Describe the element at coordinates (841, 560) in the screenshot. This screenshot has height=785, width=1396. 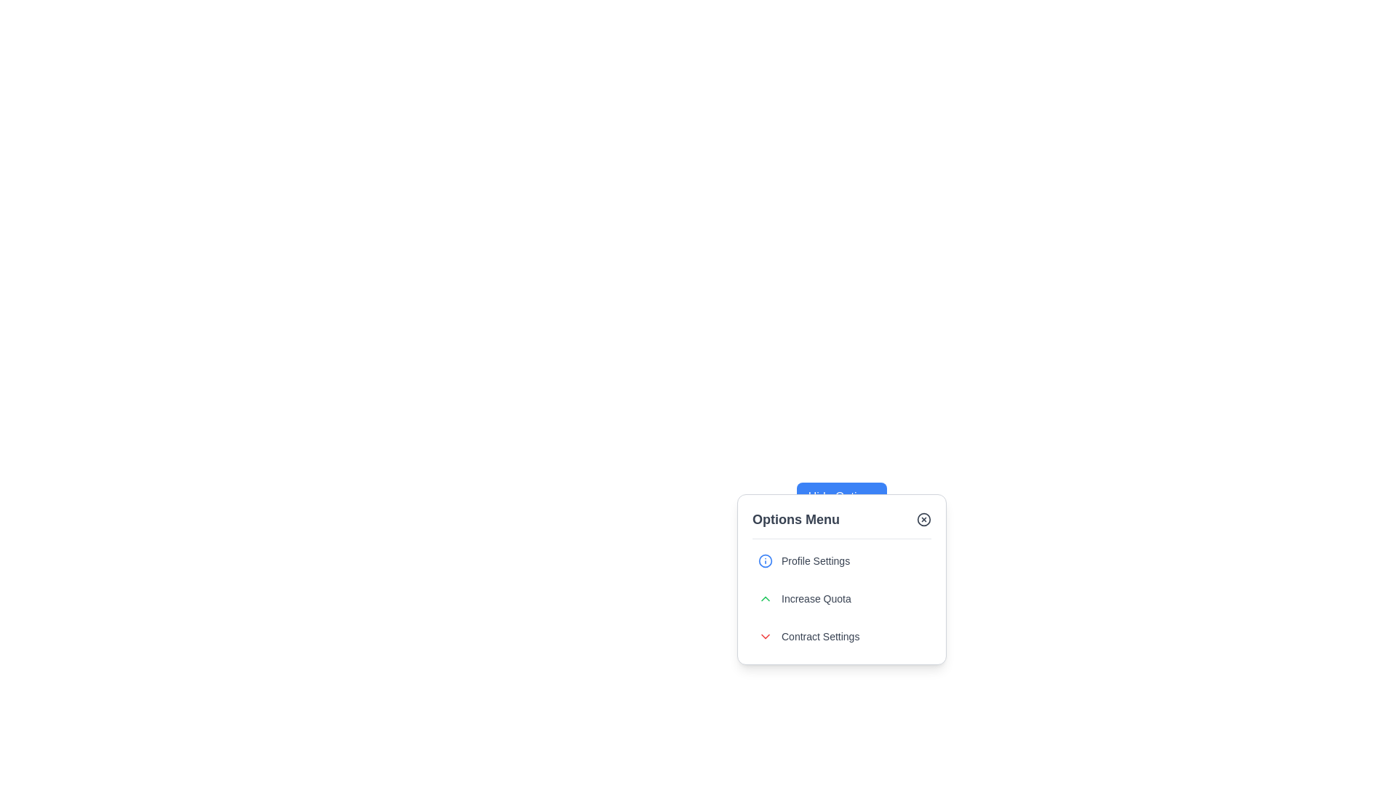
I see `the 'Profile Settings' button located in the upper section of the 'Options Menu'` at that location.